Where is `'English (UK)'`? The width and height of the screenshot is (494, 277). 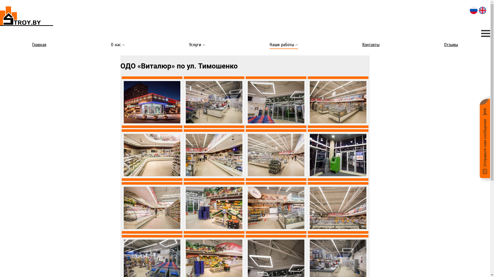
'English (UK)' is located at coordinates (482, 10).